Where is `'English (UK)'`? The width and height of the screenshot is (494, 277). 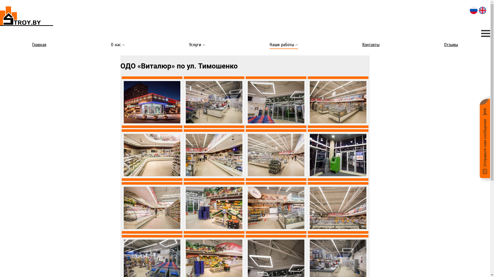
'English (UK)' is located at coordinates (482, 10).